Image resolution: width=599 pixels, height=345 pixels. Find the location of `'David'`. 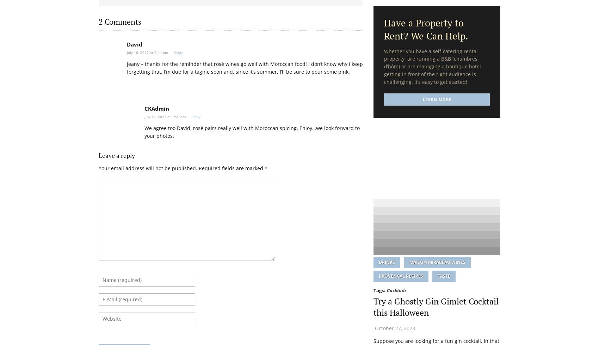

'David' is located at coordinates (134, 44).